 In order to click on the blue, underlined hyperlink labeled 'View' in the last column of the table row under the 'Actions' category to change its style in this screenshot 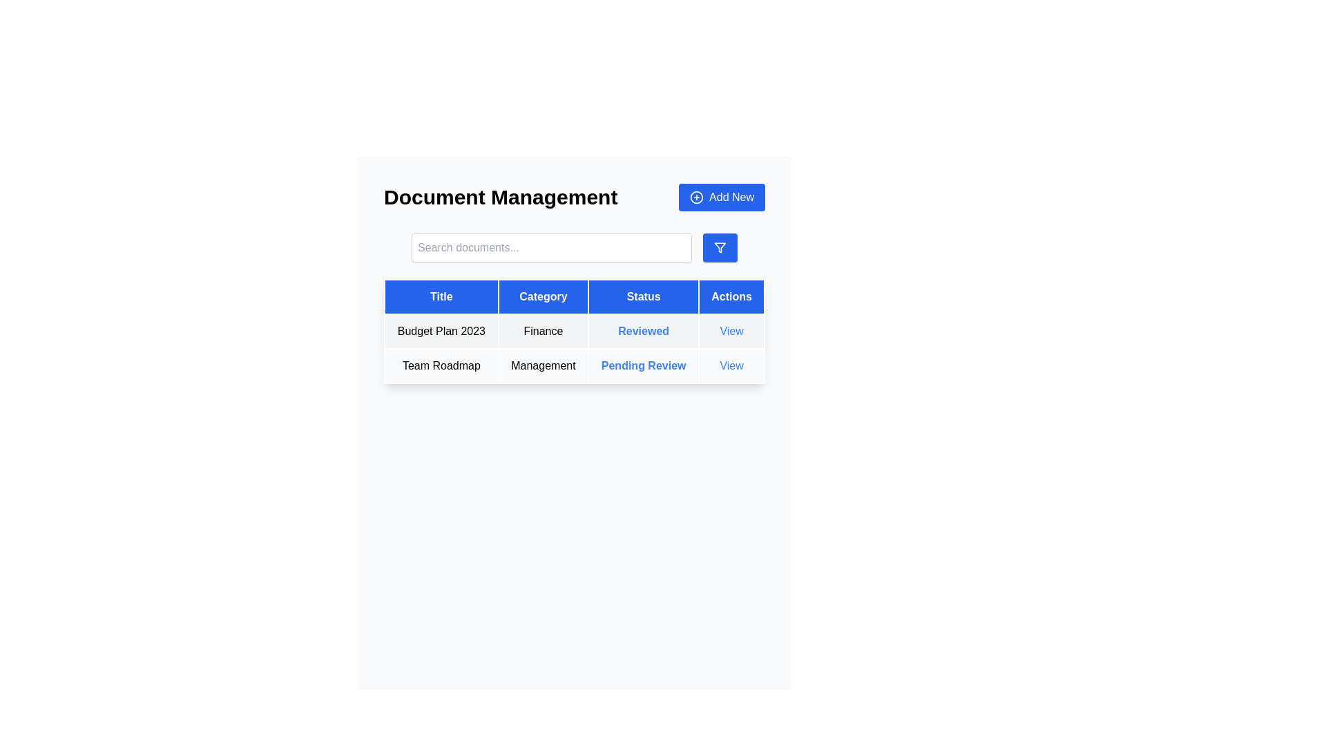, I will do `click(731, 365)`.